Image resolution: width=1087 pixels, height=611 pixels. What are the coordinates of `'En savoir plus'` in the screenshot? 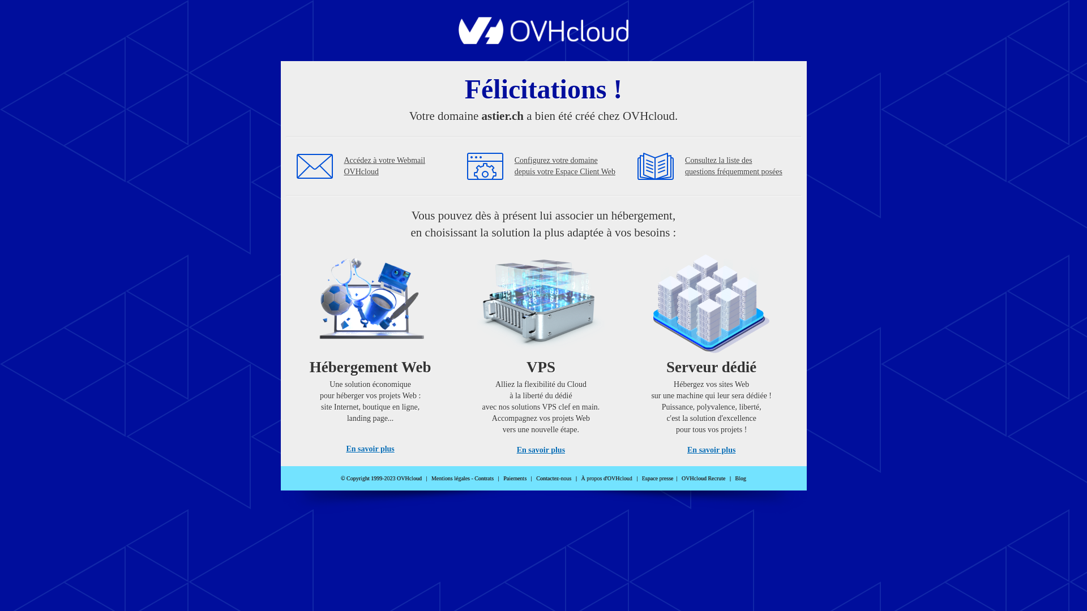 It's located at (711, 449).